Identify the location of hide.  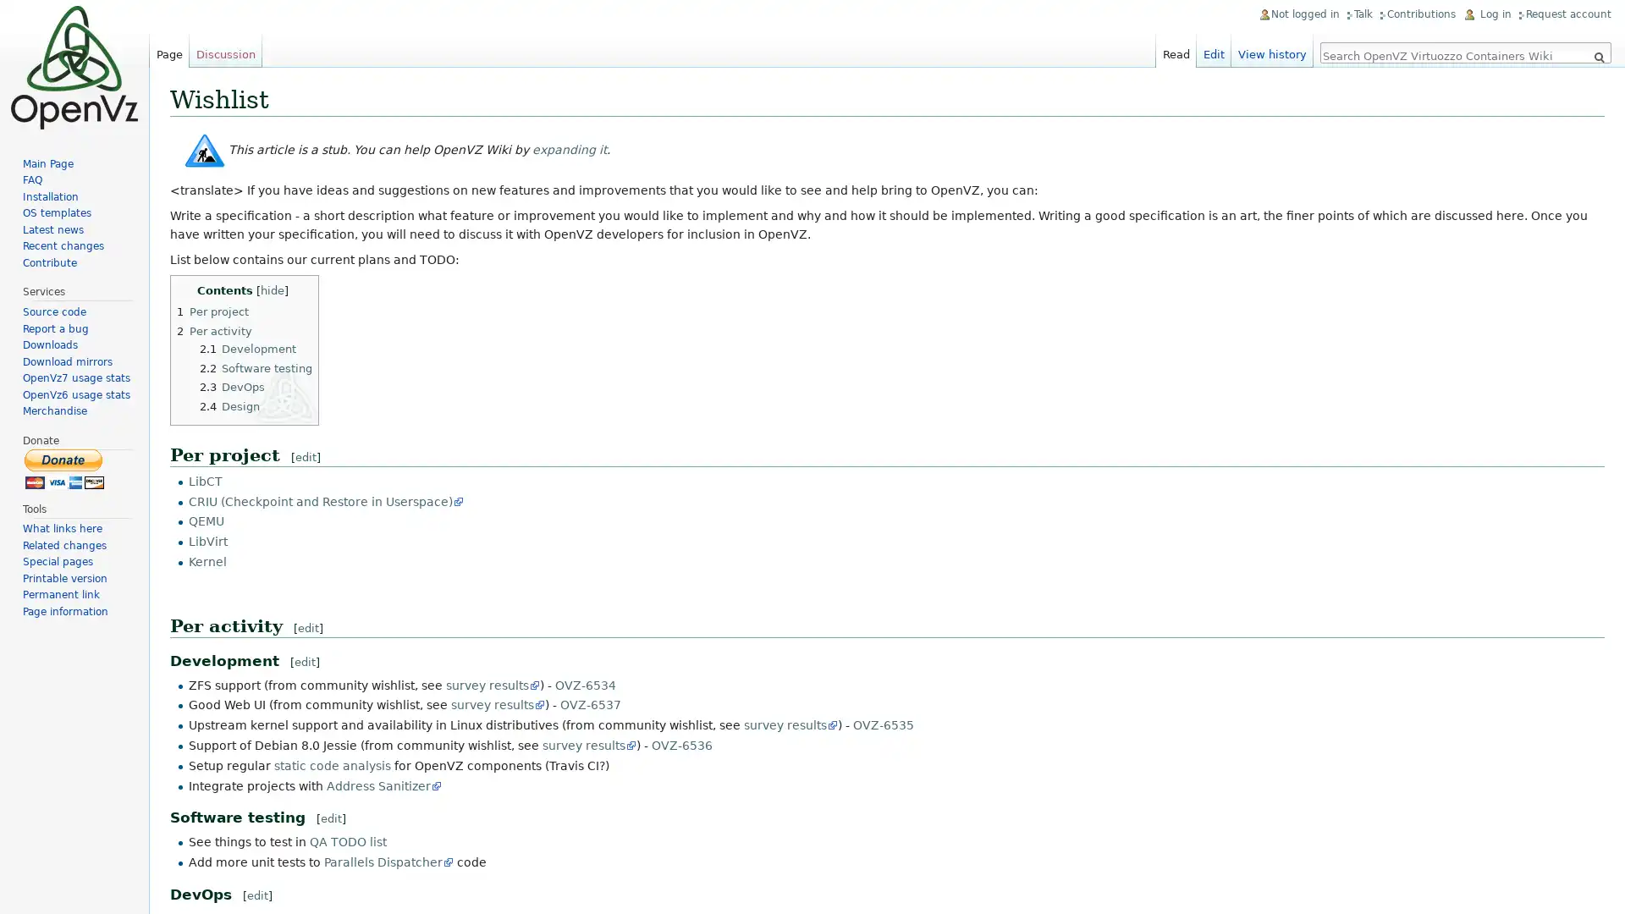
(272, 289).